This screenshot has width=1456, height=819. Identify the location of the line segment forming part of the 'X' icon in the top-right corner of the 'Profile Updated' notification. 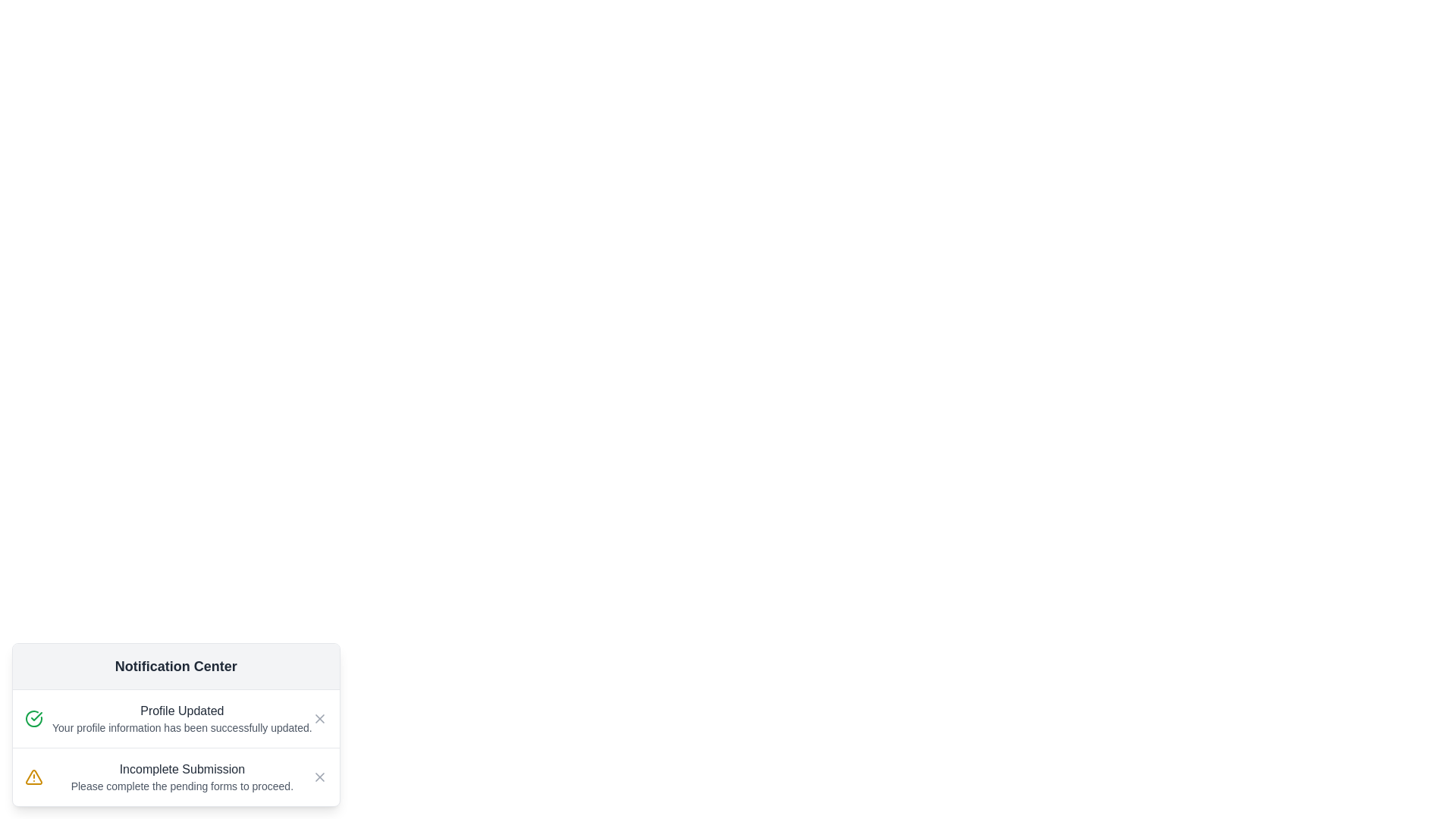
(318, 718).